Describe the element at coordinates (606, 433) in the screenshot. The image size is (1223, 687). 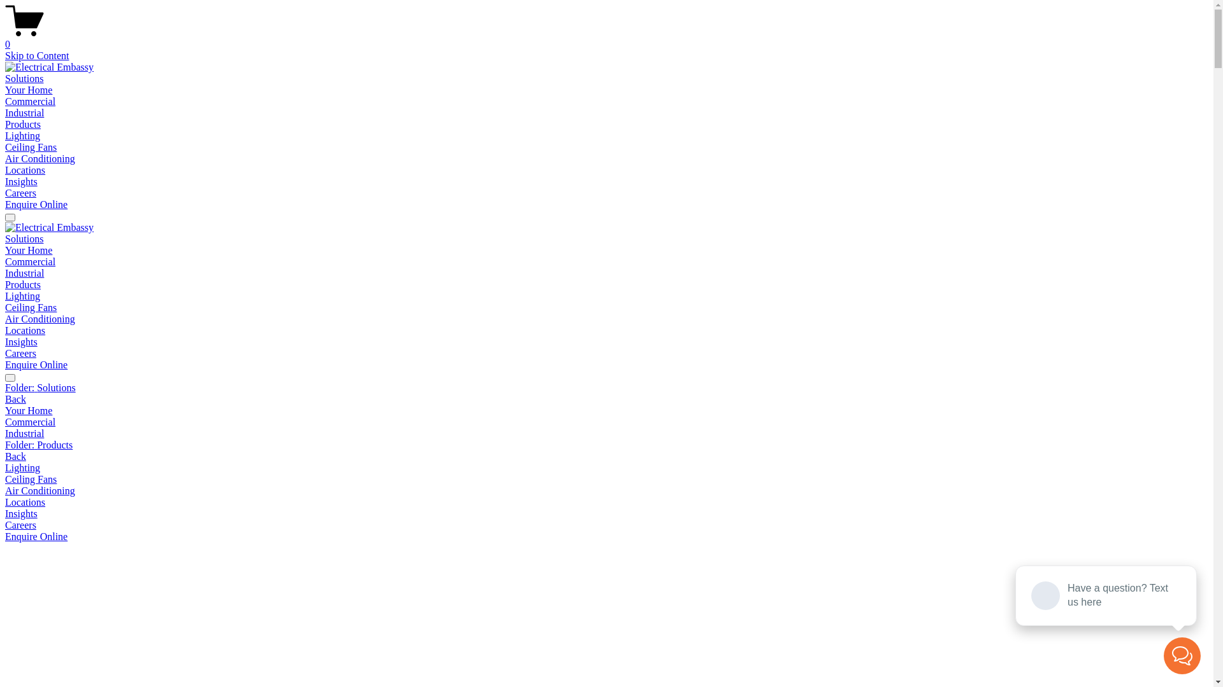
I see `'Industrial'` at that location.